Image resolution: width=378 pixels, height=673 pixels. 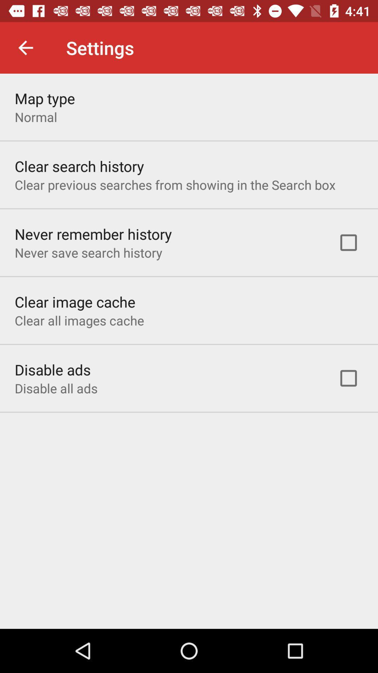 I want to click on item above never remember history, so click(x=175, y=185).